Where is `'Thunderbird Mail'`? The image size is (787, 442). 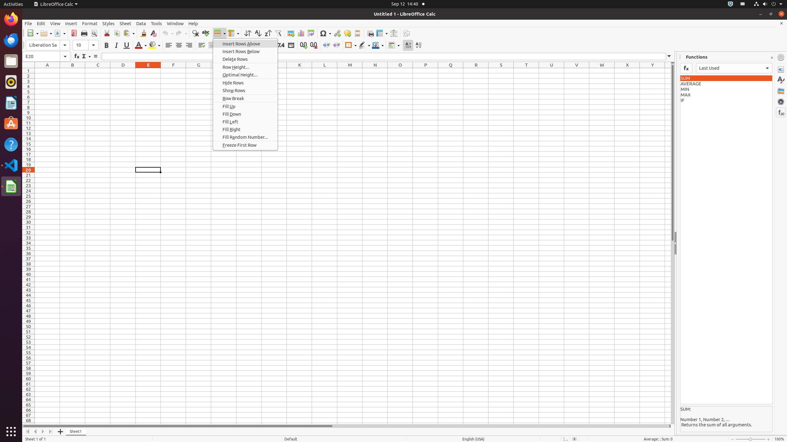 'Thunderbird Mail' is located at coordinates (11, 40).